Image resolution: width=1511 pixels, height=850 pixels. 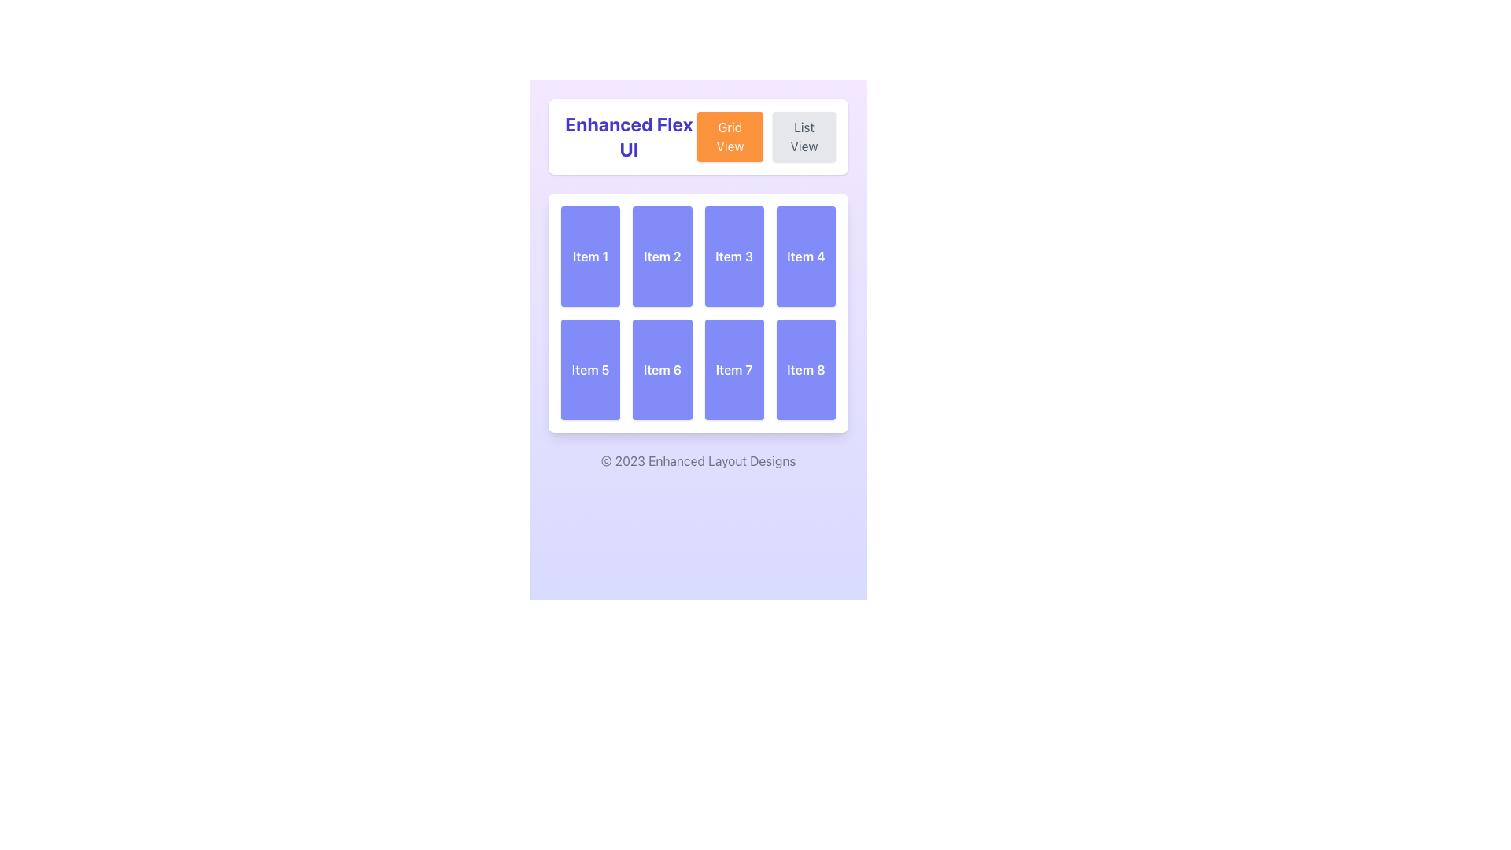 I want to click on the Grid item labeled 'Item 8' with a purple background, so click(x=806, y=370).